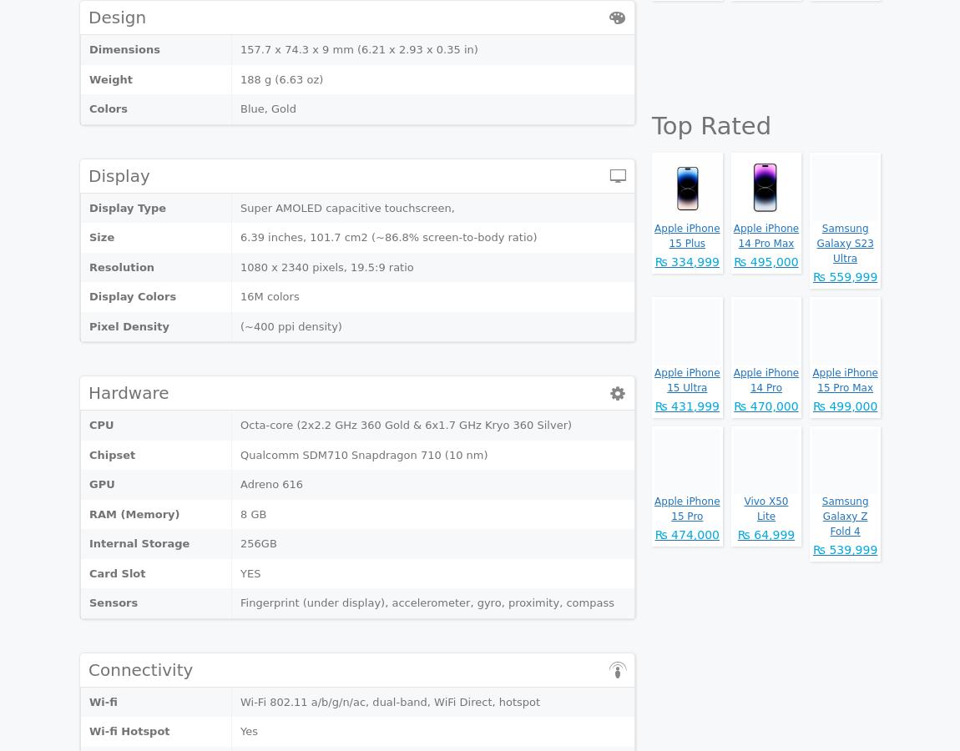  I want to click on 'Blue, Gold', so click(239, 108).